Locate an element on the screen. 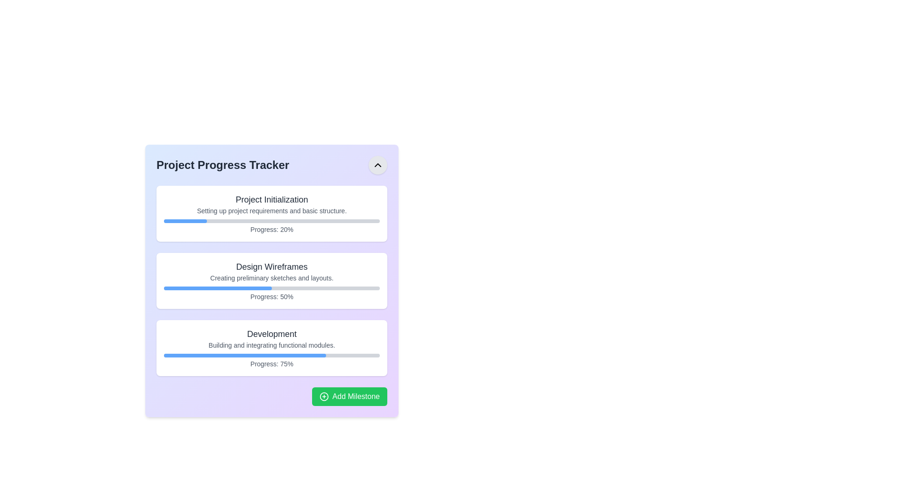  the blue progress indicator that visually represents 50% progress within the 'Design Wireframes' section, under the heading 'Progress: 50%.' is located at coordinates (217, 287).